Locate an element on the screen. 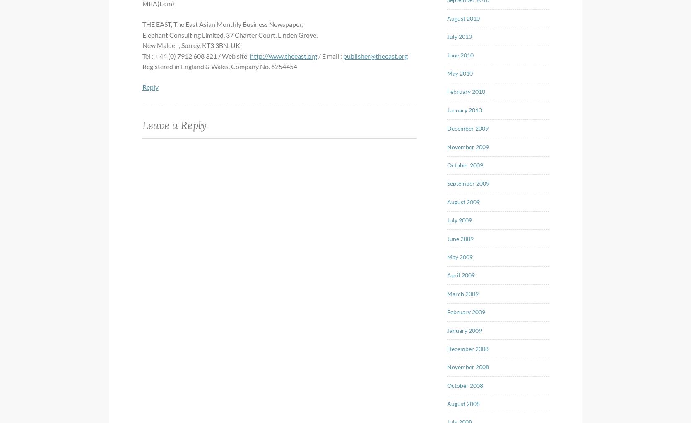 The image size is (691, 423). '/ E mail :' is located at coordinates (330, 55).